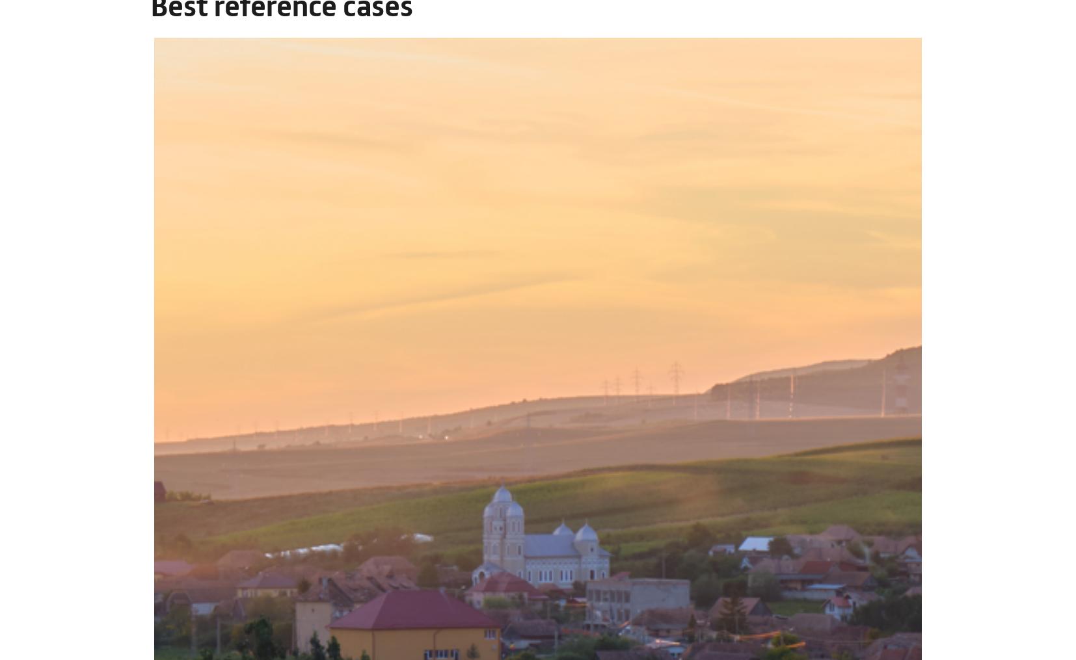 The height and width of the screenshot is (660, 1076). I want to click on 'Use necessary cookies only', so click(882, 570).